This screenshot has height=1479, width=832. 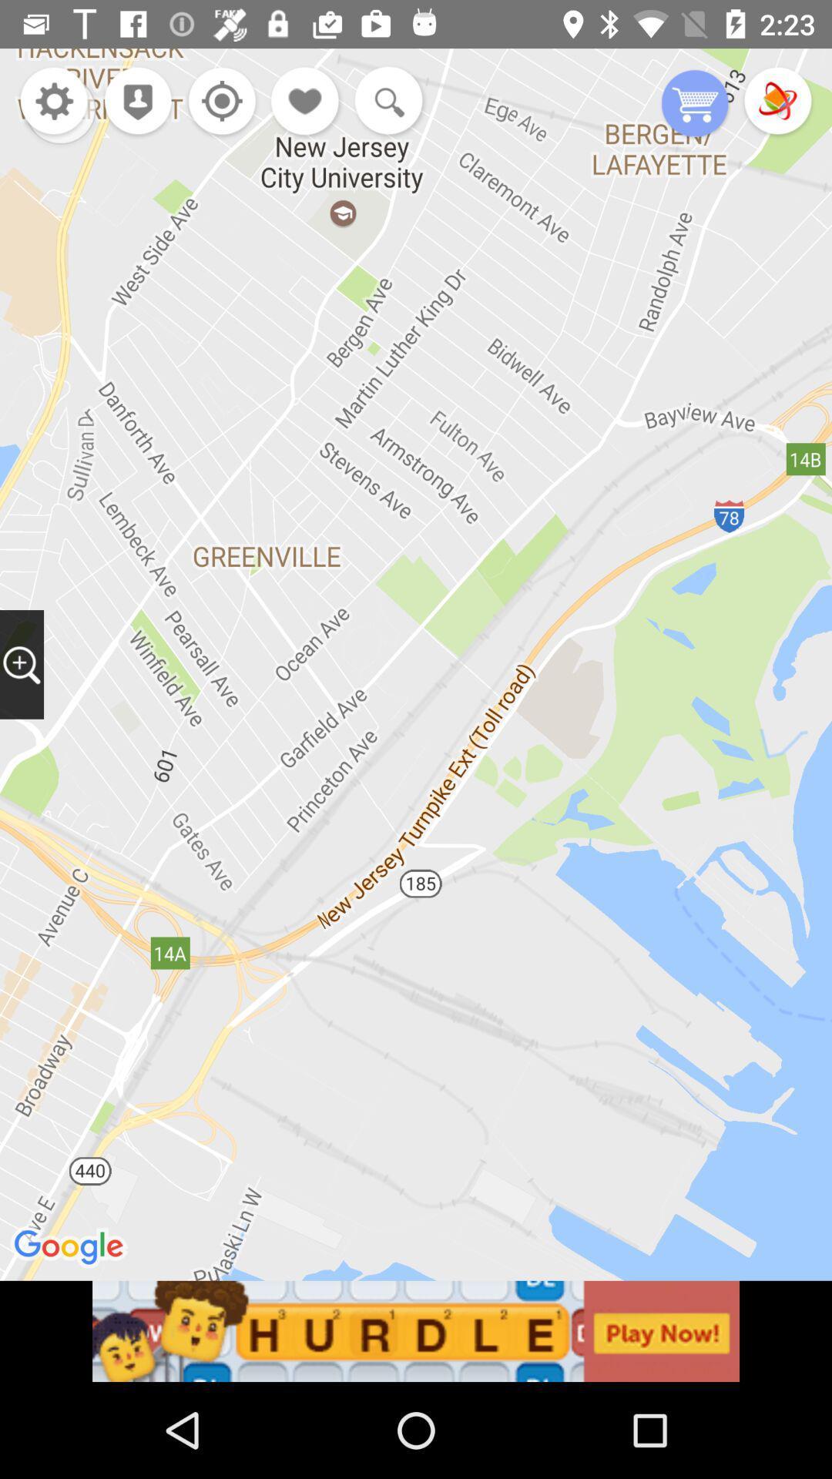 I want to click on drag magnifier, so click(x=22, y=664).